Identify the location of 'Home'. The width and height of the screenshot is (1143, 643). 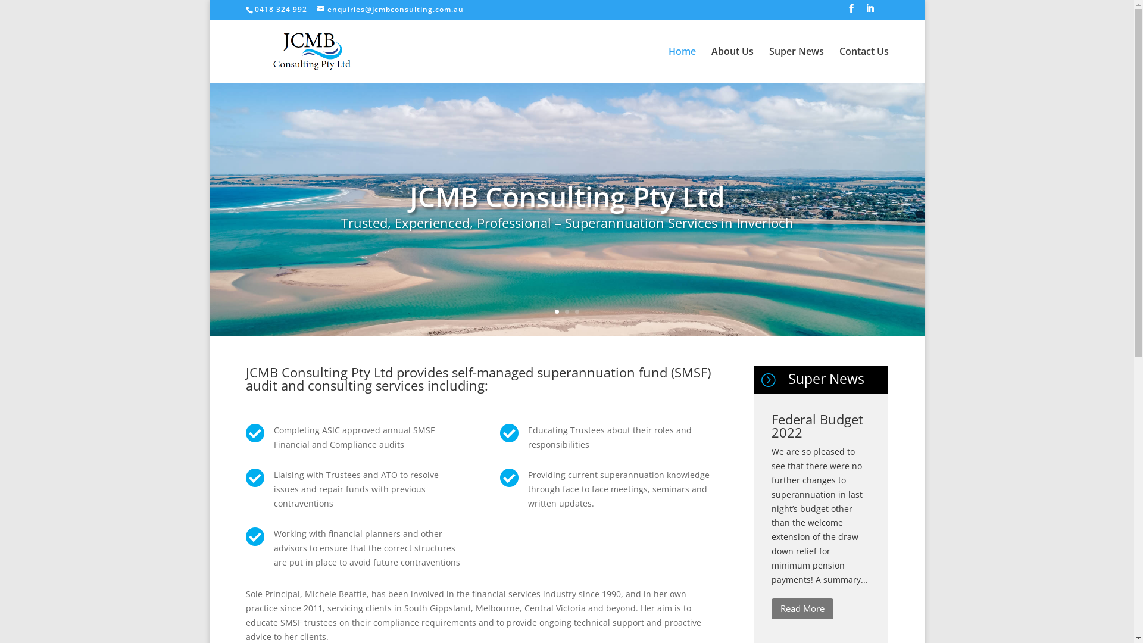
(668, 64).